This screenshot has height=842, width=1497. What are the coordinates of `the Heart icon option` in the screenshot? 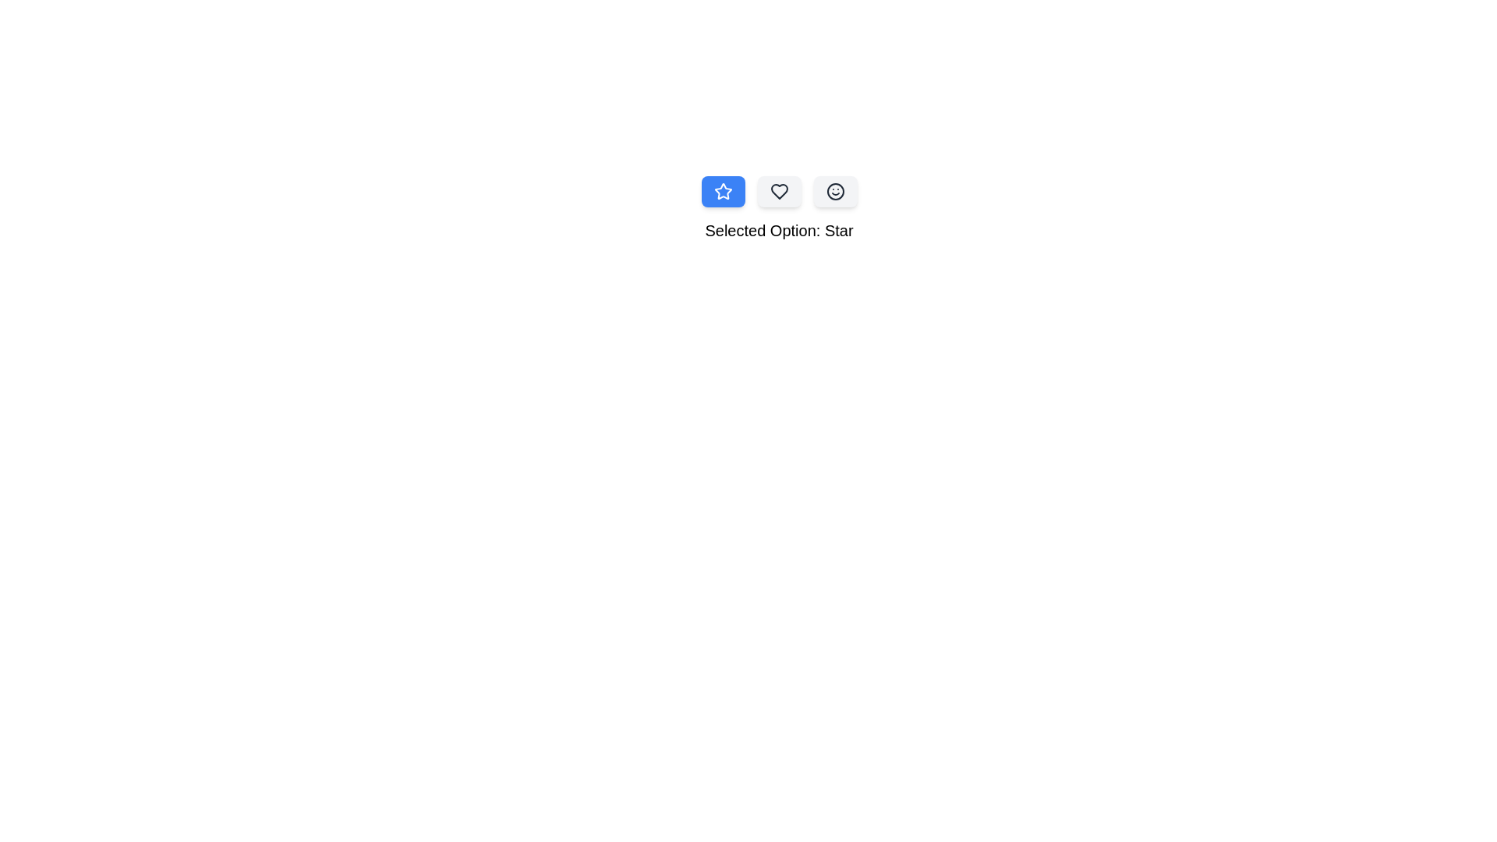 It's located at (779, 191).